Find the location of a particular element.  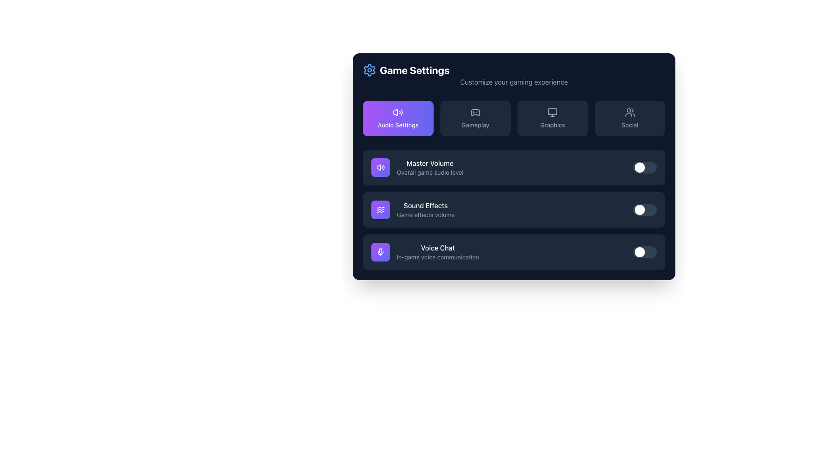

the microphone icon located inside the 'Voice Chat' button in the 'Audio Settings' section is located at coordinates (380, 251).